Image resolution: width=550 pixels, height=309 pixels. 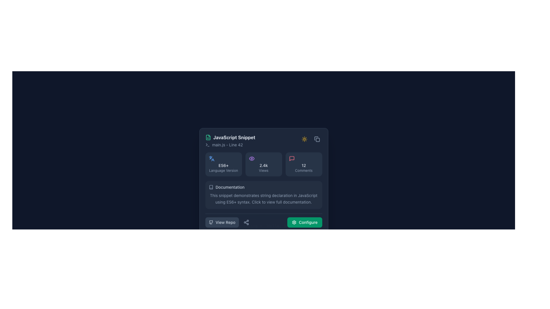 I want to click on the small monochrome book icon located in the upper right area of the snippet box to understand its meaning, so click(x=211, y=187).